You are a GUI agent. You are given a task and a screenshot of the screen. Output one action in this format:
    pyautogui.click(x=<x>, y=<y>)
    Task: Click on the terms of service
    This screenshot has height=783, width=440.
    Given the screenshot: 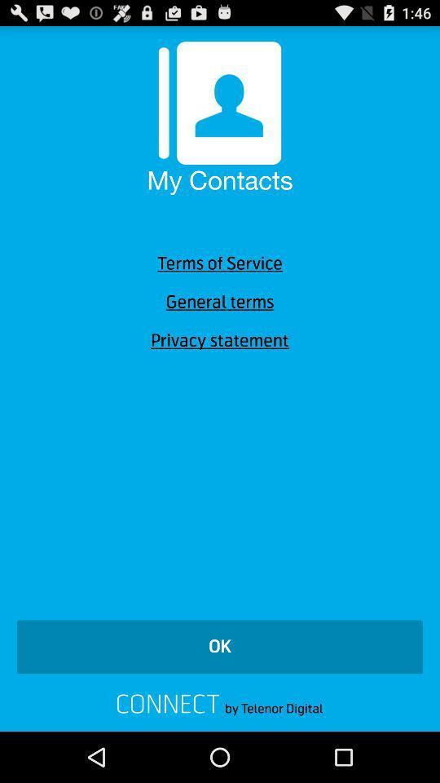 What is the action you would take?
    pyautogui.click(x=220, y=263)
    